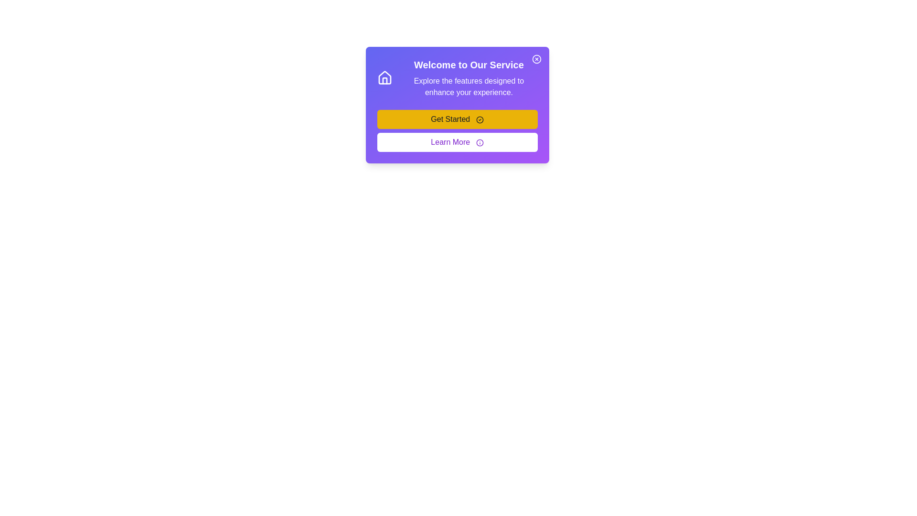  I want to click on text label displaying 'Welcome to Our Service', which is prominently positioned at the top center of the interface against a purple background, so click(469, 64).